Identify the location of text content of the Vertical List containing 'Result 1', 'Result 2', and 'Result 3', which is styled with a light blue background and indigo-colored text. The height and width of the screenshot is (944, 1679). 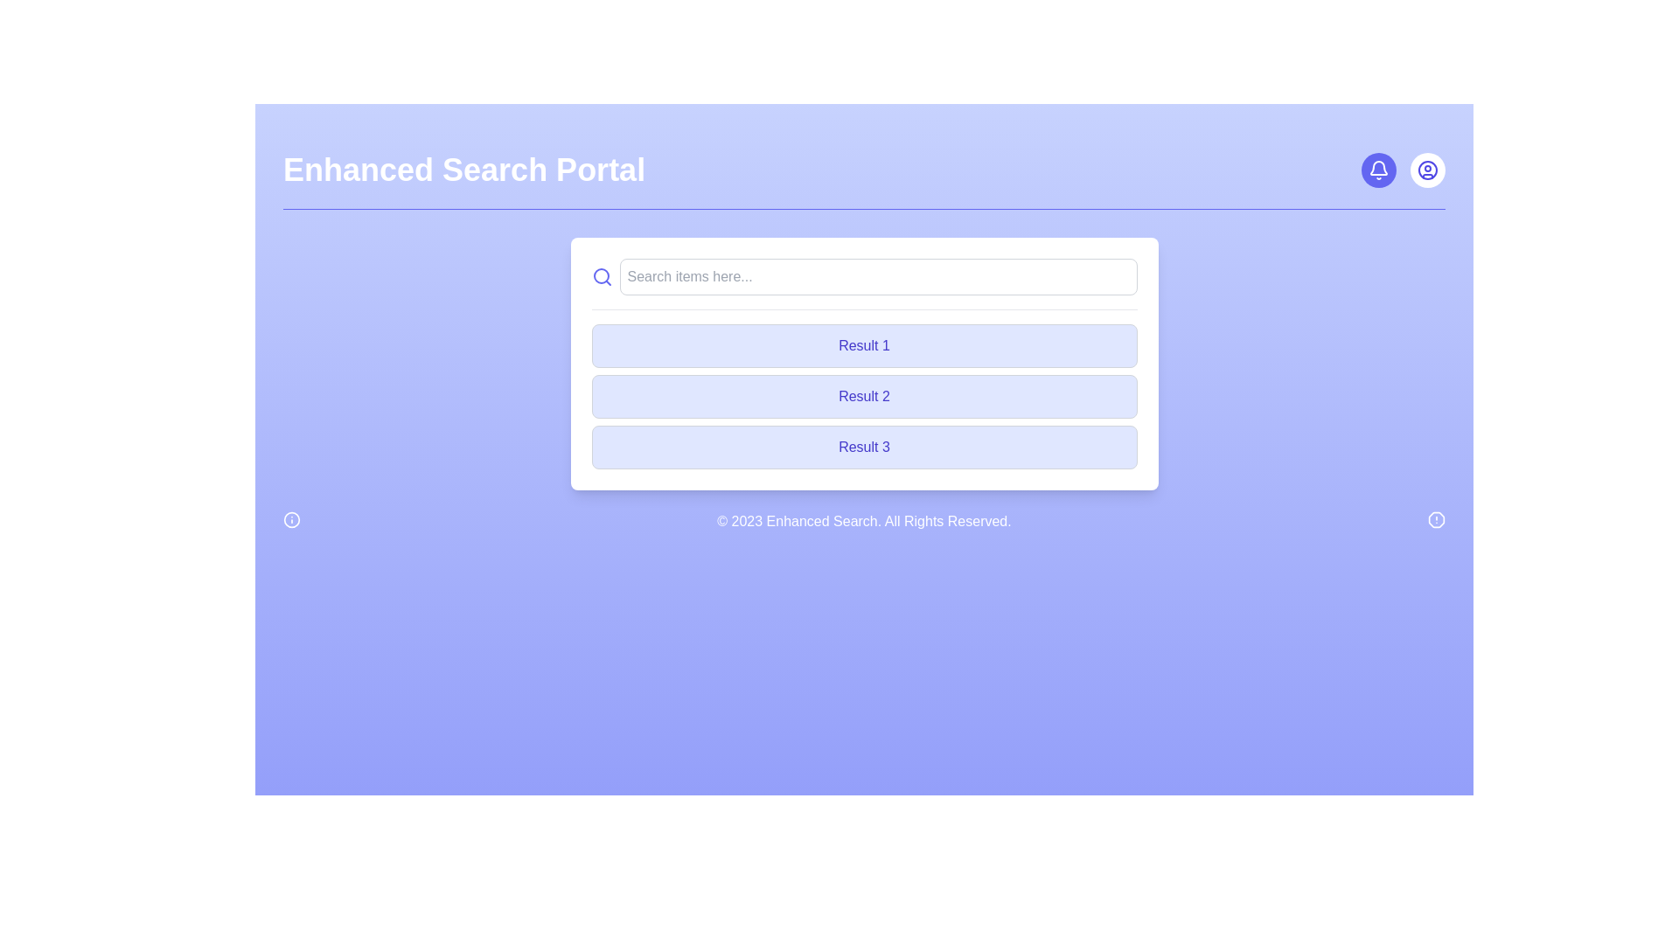
(864, 397).